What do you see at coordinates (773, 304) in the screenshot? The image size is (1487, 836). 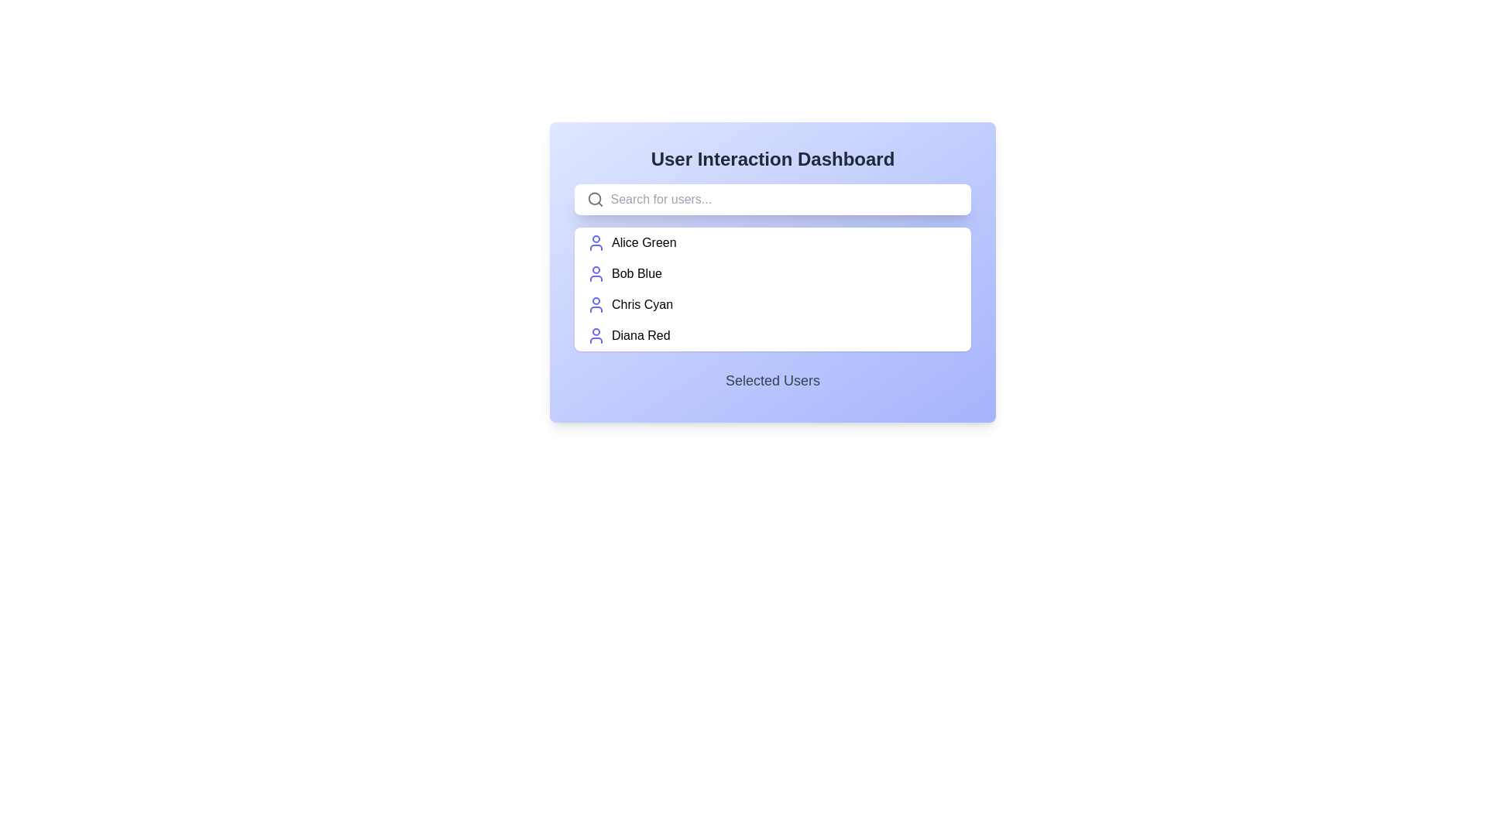 I see `to select the third item in the user list or menu option, positioned below 'Bob Blue' and above 'Diana Red'` at bounding box center [773, 304].